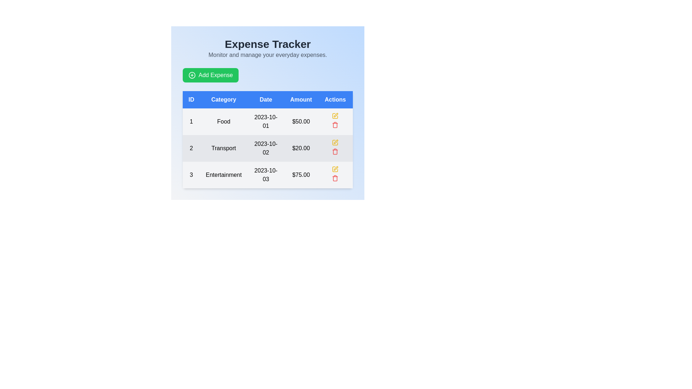  Describe the element at coordinates (265, 148) in the screenshot. I see `the non-interactive Text label displaying the date '2023-10-02', located in the 'Date' column of the second row in the table` at that location.